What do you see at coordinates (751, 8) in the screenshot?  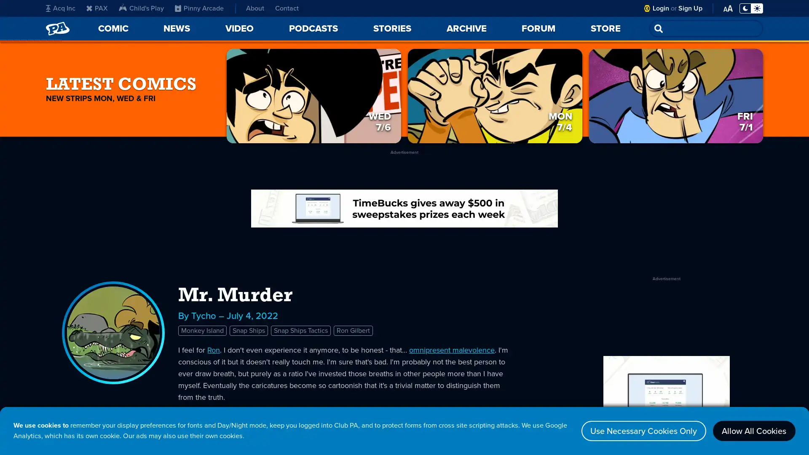 I see `Toggle Display Mode - Night Mode selected` at bounding box center [751, 8].